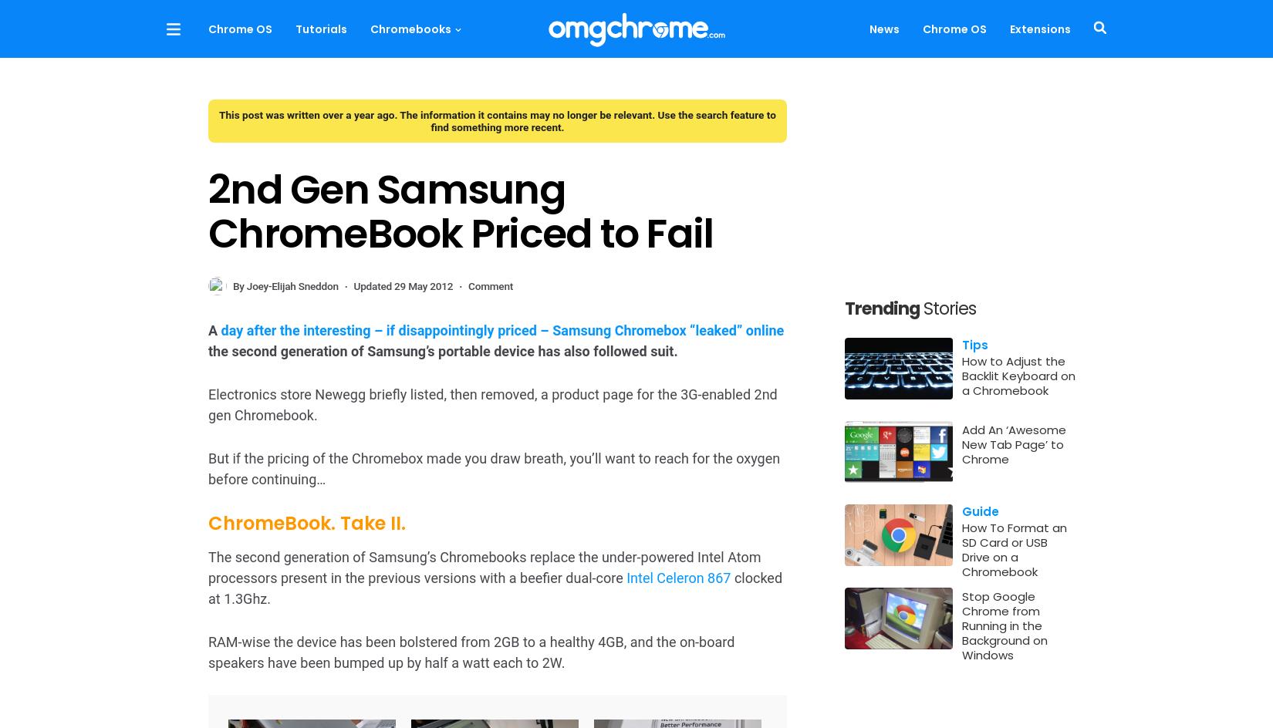  I want to click on 'have you checked if your Chromebook has a backlit keyboard?', so click(974, 675).